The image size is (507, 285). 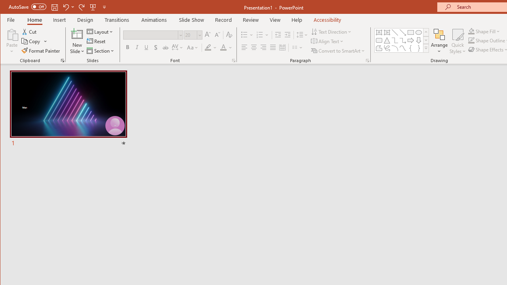 What do you see at coordinates (302, 34) in the screenshot?
I see `'Line Spacing'` at bounding box center [302, 34].